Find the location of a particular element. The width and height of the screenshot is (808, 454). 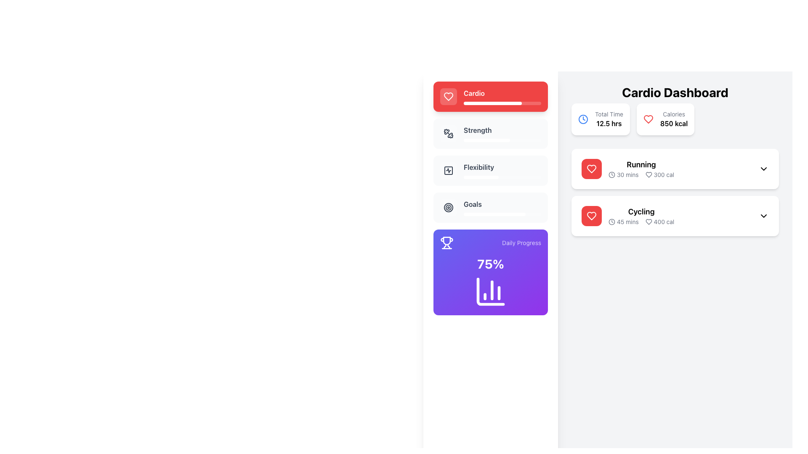

the 'Cardio' progress bar component located near the top-left corner of the interface, which visually represents the user's progress in the Cardio activity is located at coordinates (502, 96).